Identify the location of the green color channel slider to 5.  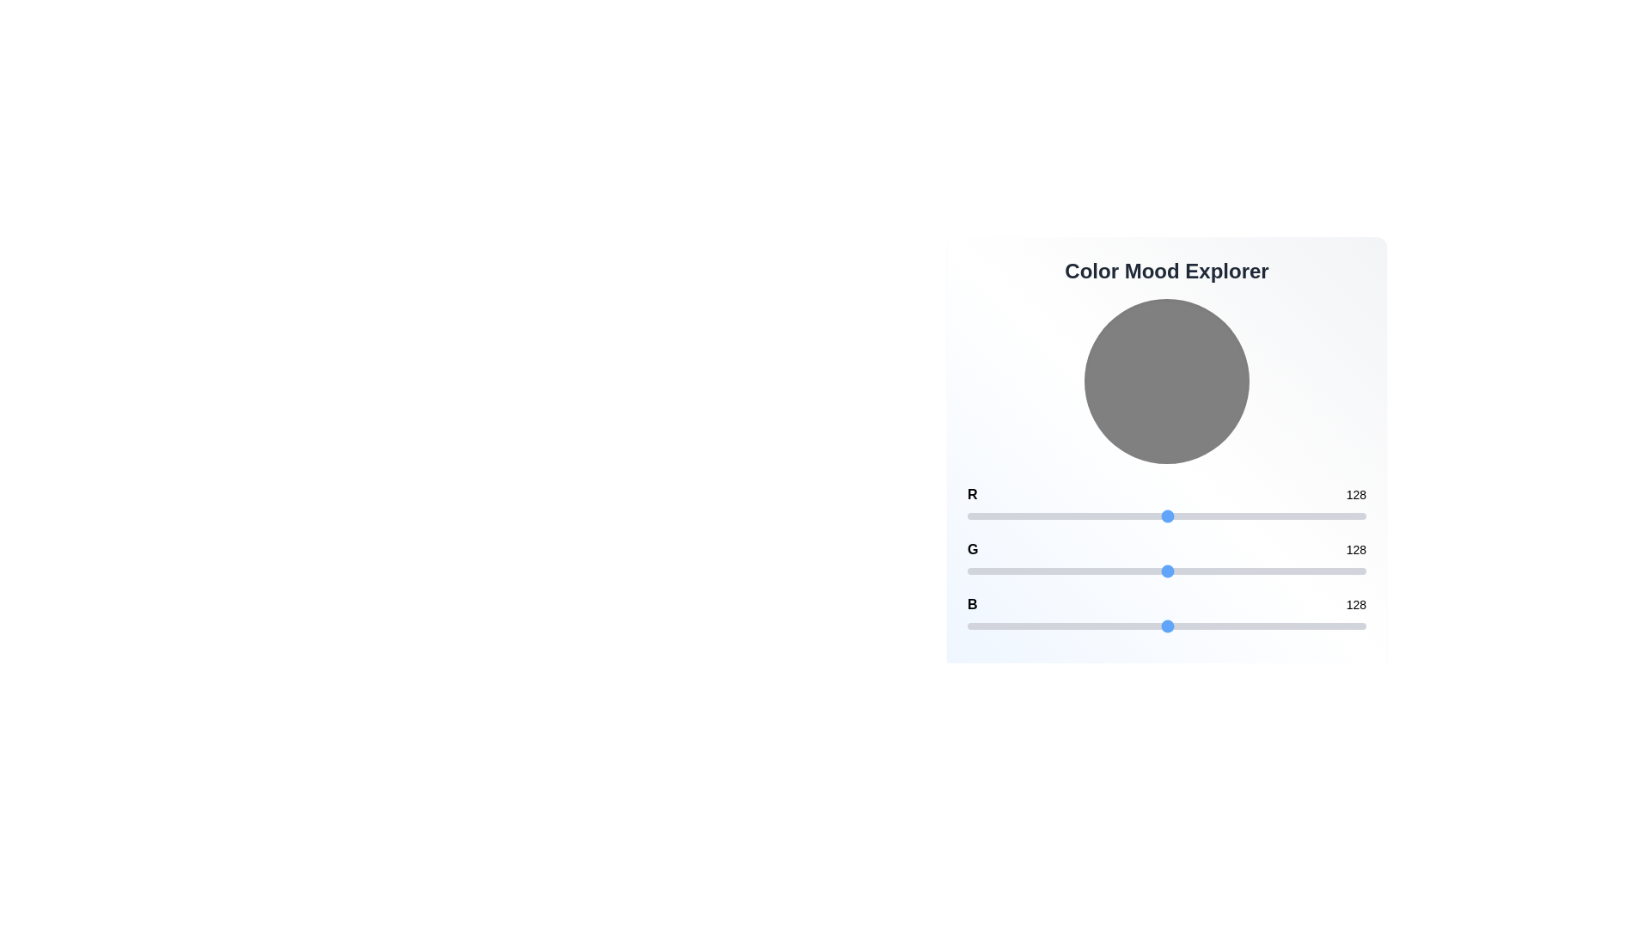
(975, 571).